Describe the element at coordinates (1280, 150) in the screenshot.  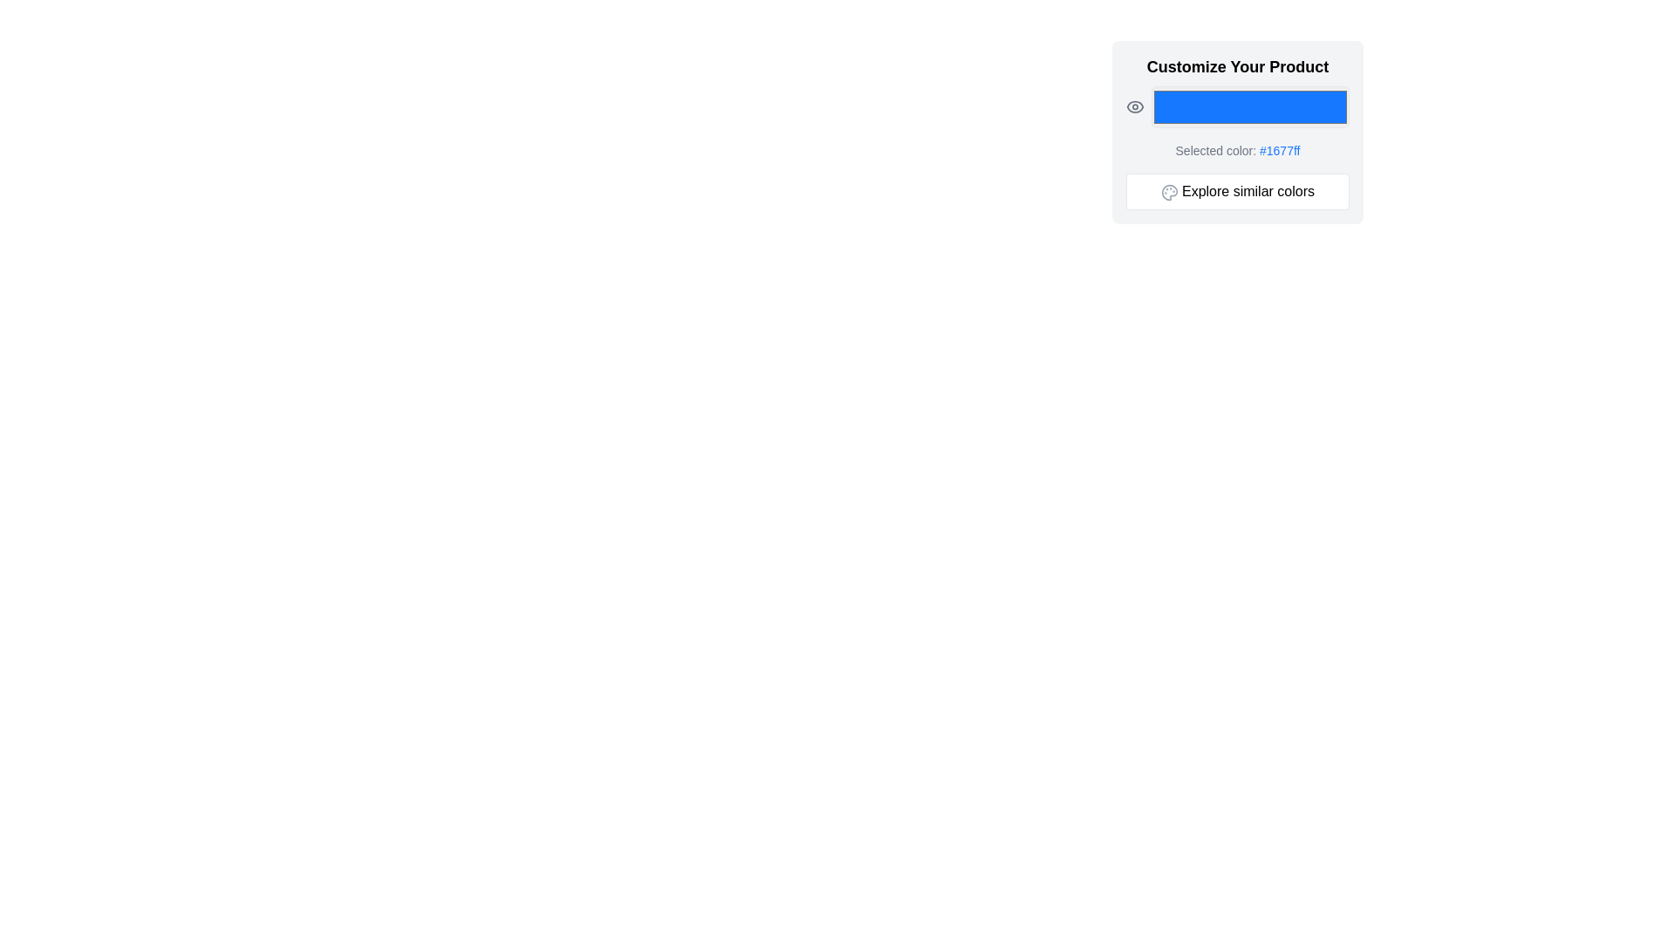
I see `the Text Label that displays the color code '#1677ff', which is styled in blue and located underneath the blue color display box and above the 'Explore similar colors' button` at that location.